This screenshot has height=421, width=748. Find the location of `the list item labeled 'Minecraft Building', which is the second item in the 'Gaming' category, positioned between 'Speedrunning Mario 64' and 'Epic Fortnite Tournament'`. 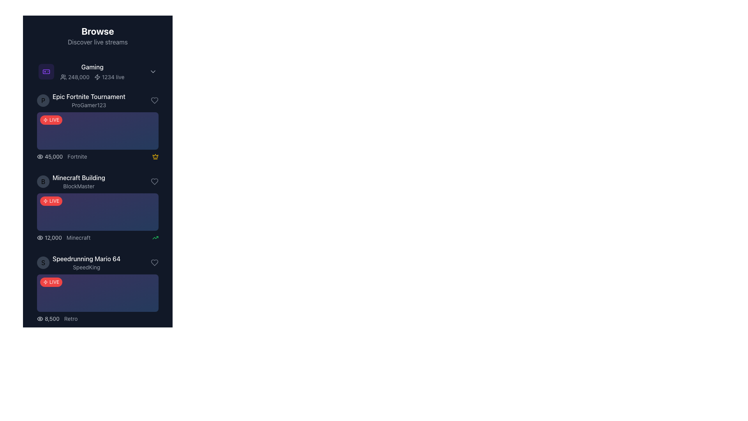

the list item labeled 'Minecraft Building', which is the second item in the 'Gaming' category, positioned between 'Speedrunning Mario 64' and 'Epic Fortnite Tournament' is located at coordinates (71, 182).